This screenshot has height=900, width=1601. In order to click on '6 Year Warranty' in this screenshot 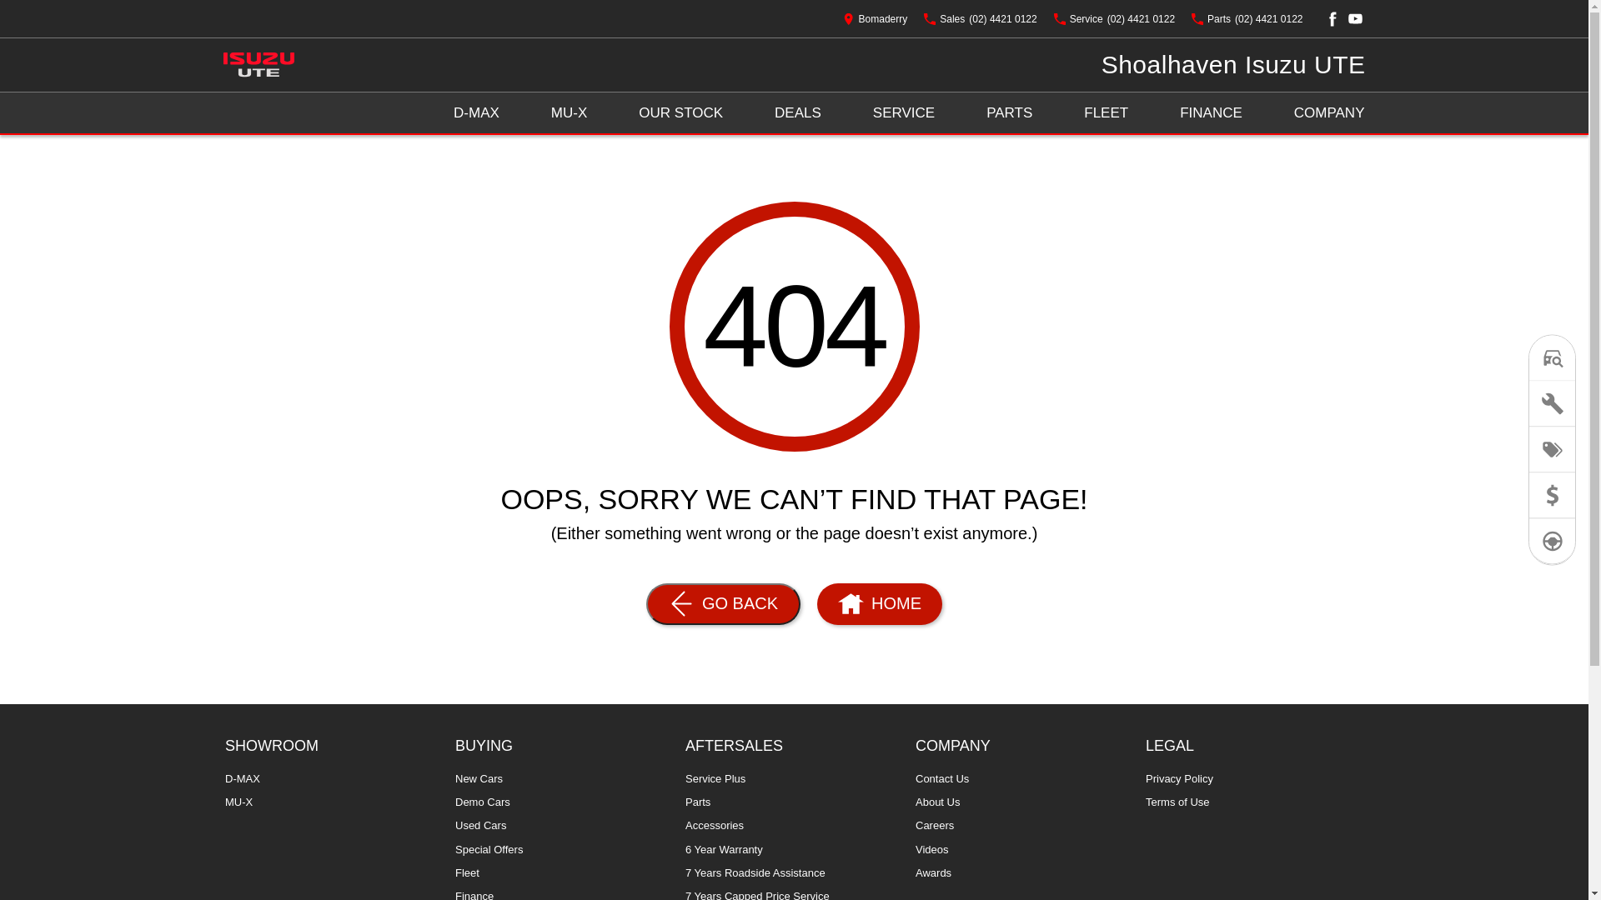, I will do `click(724, 854)`.